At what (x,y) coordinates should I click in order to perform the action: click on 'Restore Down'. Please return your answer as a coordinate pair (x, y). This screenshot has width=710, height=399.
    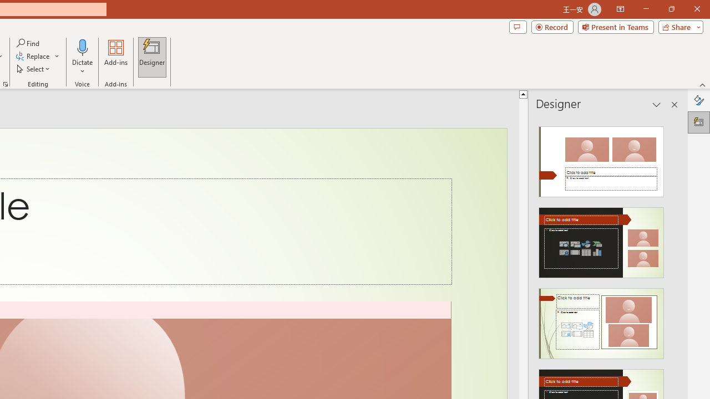
    Looking at the image, I should click on (671, 9).